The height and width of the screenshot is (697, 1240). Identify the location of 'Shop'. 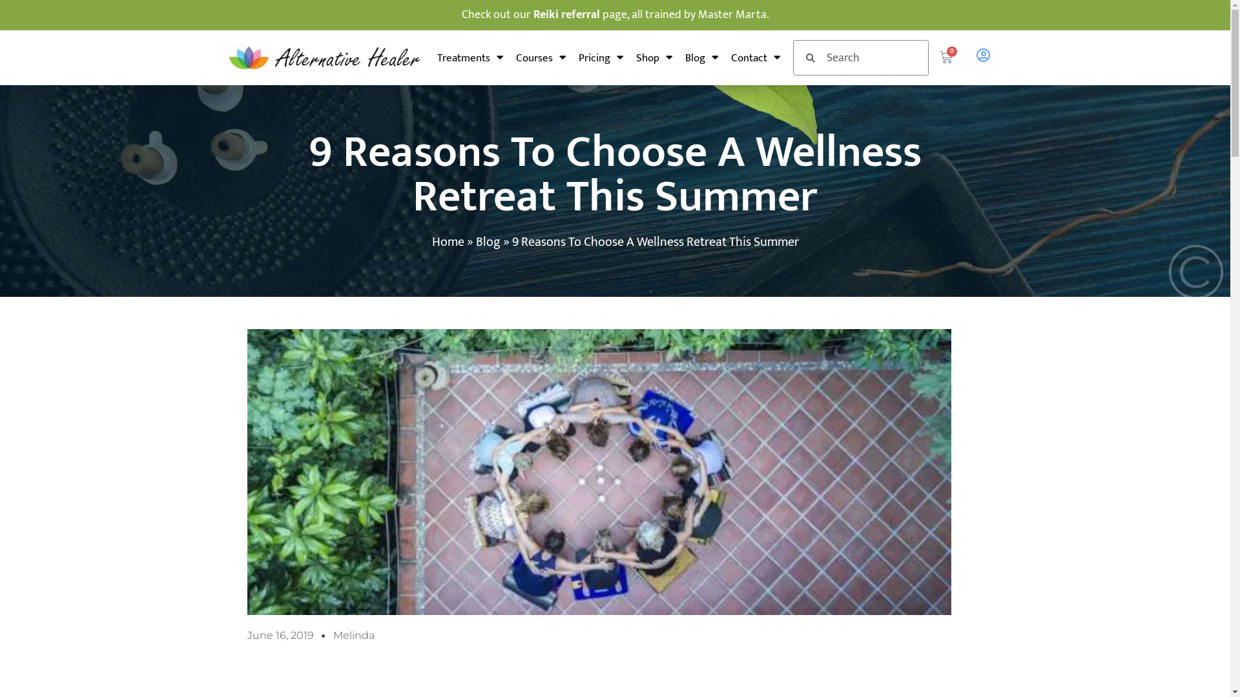
(654, 56).